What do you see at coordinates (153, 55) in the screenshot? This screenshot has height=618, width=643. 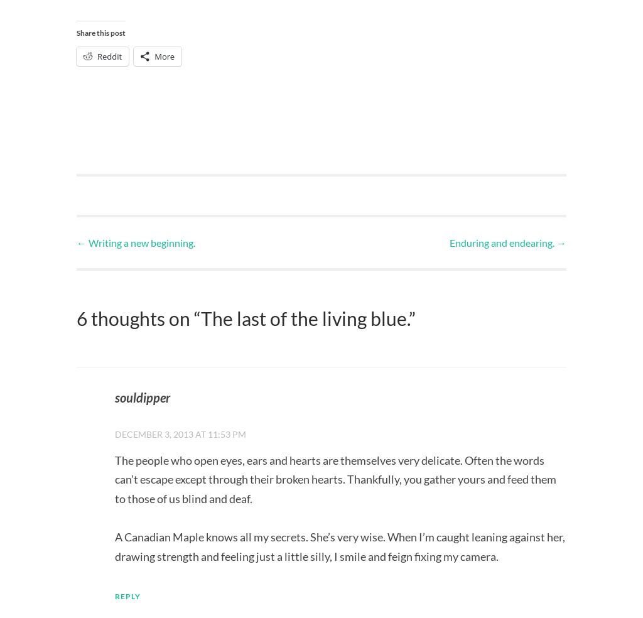 I see `'More'` at bounding box center [153, 55].